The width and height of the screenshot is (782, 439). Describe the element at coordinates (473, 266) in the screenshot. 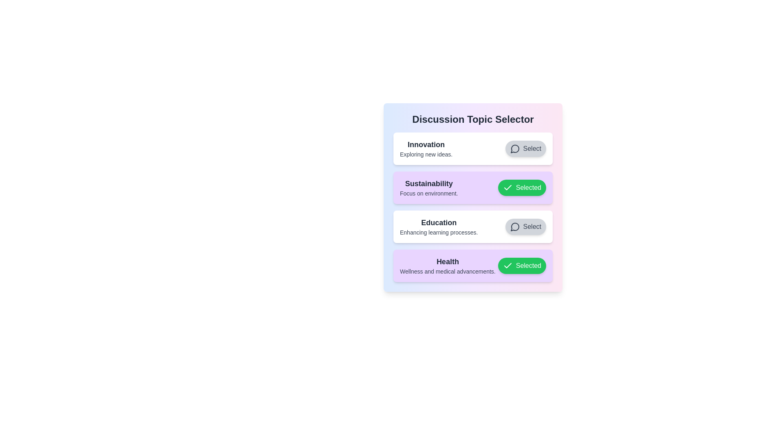

I see `the topic Health to trigger the scaling effect` at that location.